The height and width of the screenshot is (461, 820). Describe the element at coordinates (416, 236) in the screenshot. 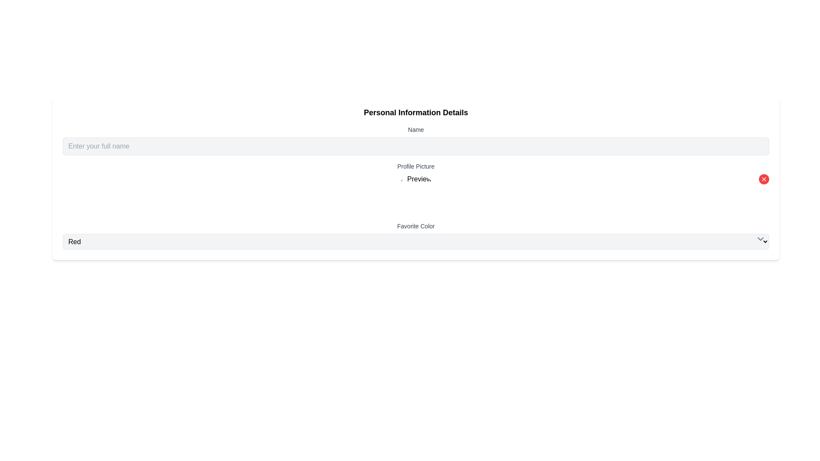

I see `the dropdown menu for selecting favorite color located at the bottom of the 'Personal Information Details' section` at that location.